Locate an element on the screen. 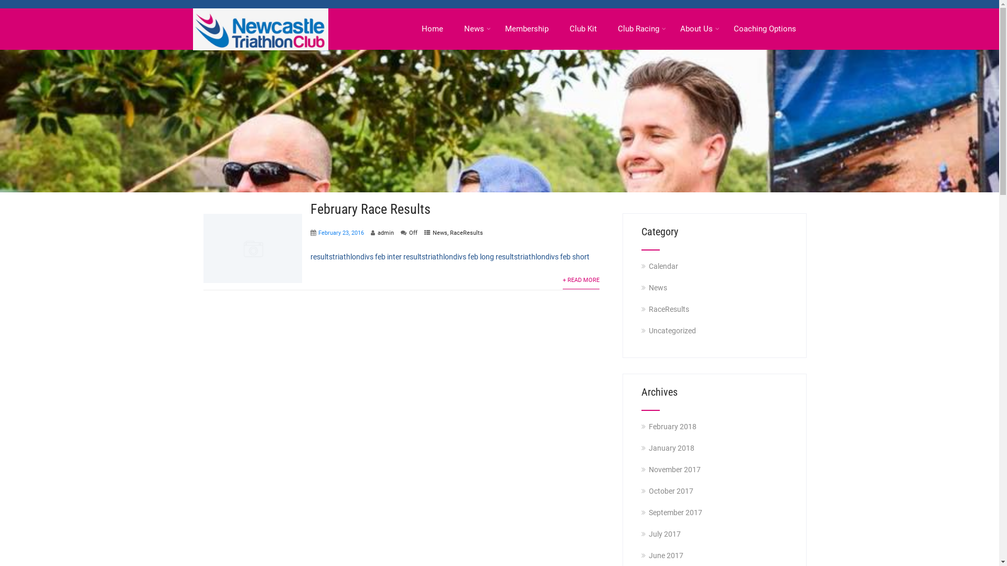 The height and width of the screenshot is (566, 1007). 'February 2018' is located at coordinates (672, 426).